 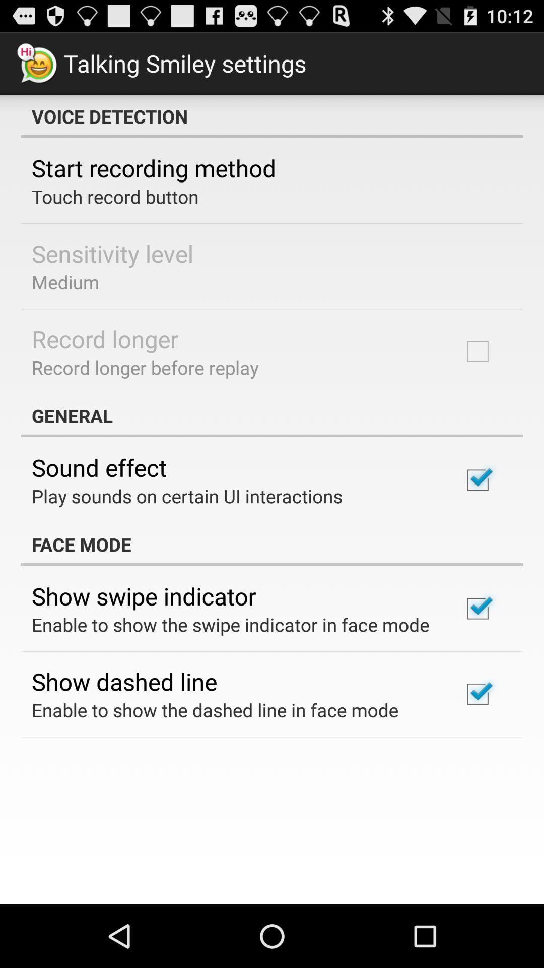 I want to click on the general app, so click(x=272, y=416).